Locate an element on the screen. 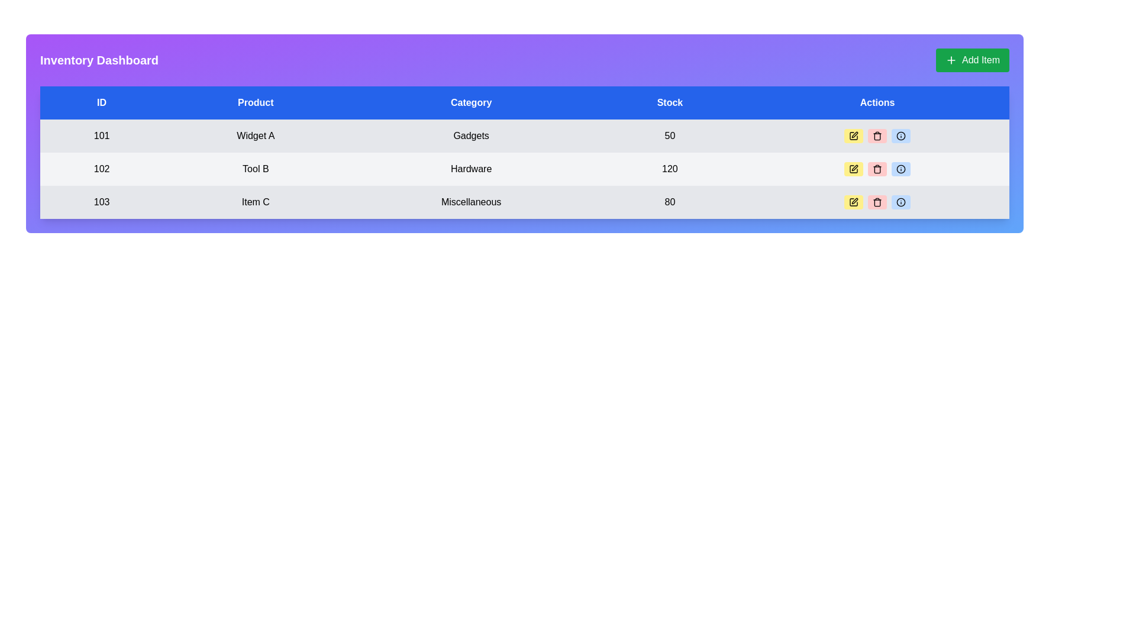  the trash can icon button with a light red background in the 'Actions' column of the third row is located at coordinates (877, 135).